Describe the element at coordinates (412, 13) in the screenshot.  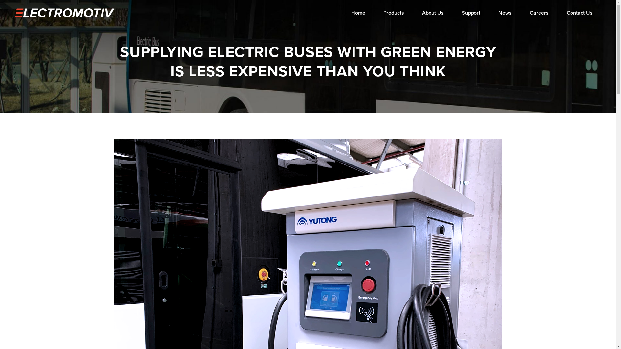
I see `'About Us'` at that location.